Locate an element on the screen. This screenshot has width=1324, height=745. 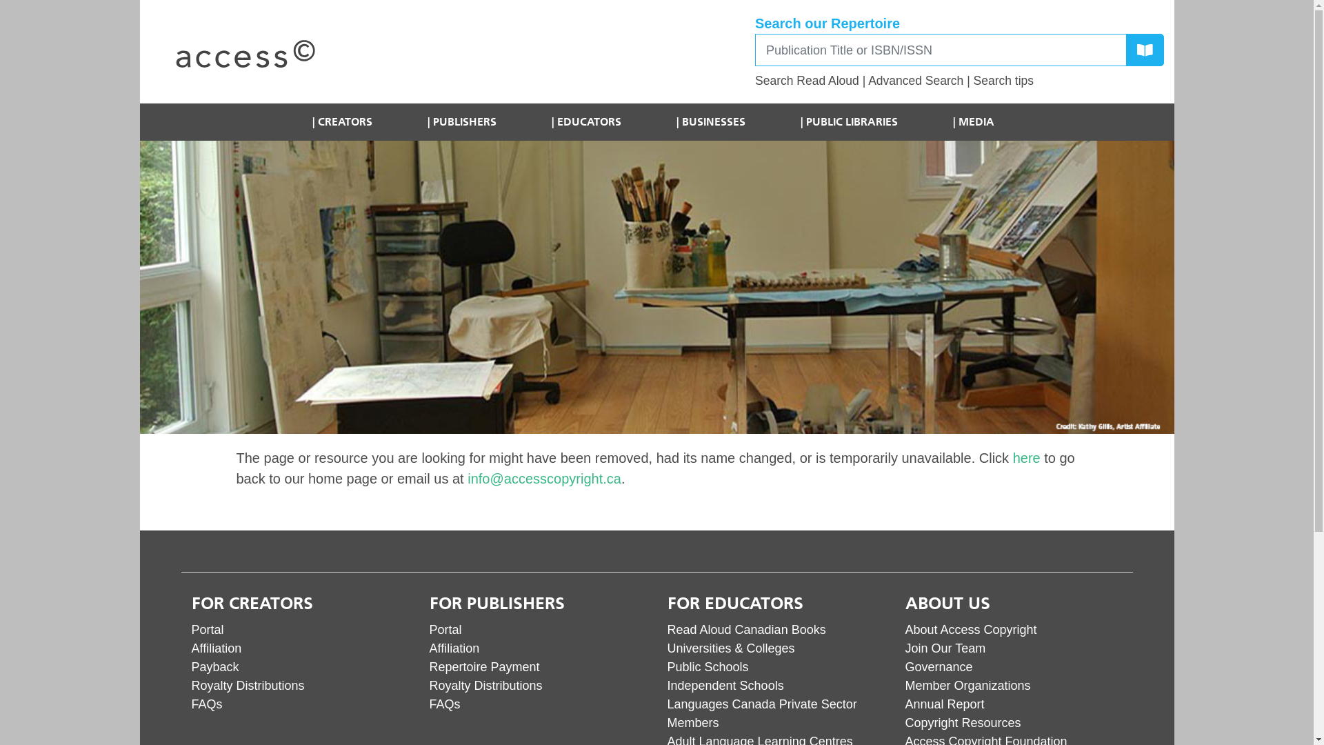
'Search Read Aloud' is located at coordinates (807, 80).